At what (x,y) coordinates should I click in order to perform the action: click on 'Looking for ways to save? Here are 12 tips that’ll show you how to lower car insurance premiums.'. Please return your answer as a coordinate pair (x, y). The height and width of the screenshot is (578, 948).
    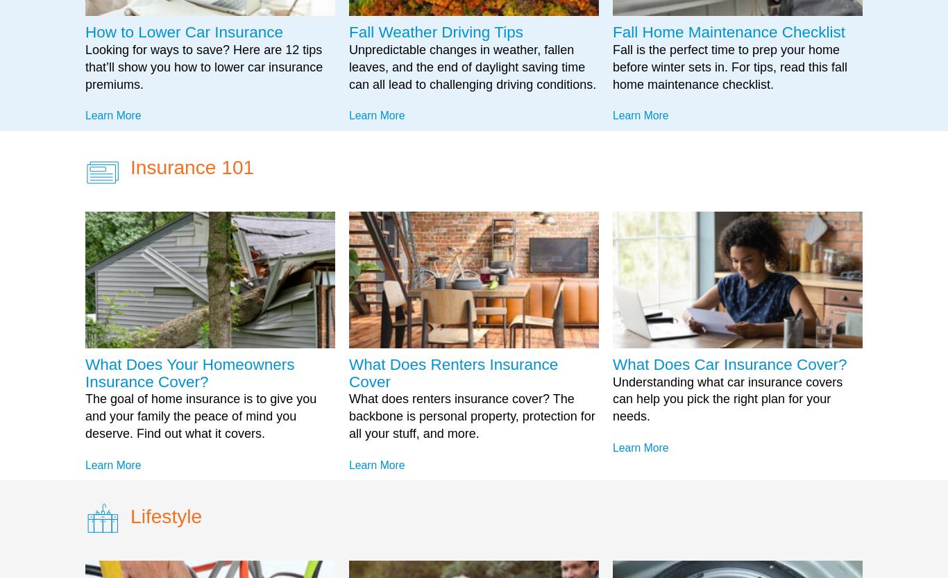
    Looking at the image, I should click on (203, 66).